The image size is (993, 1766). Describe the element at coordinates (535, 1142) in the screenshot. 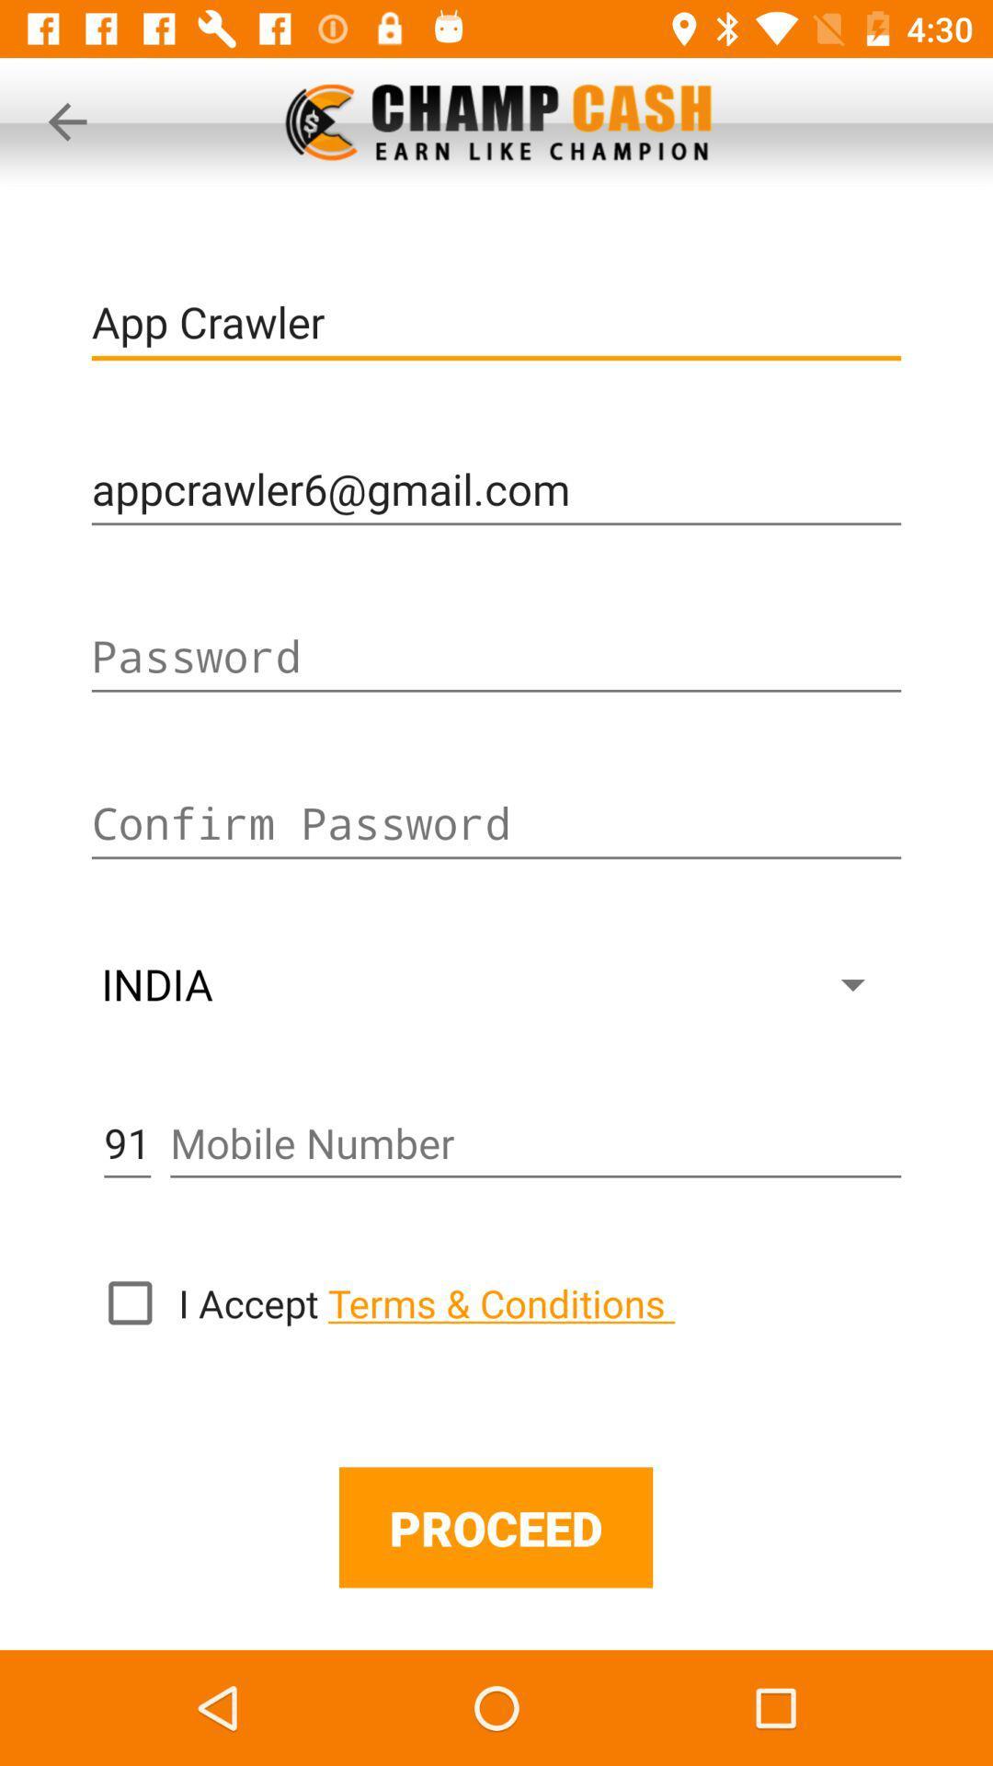

I see `mobile number` at that location.